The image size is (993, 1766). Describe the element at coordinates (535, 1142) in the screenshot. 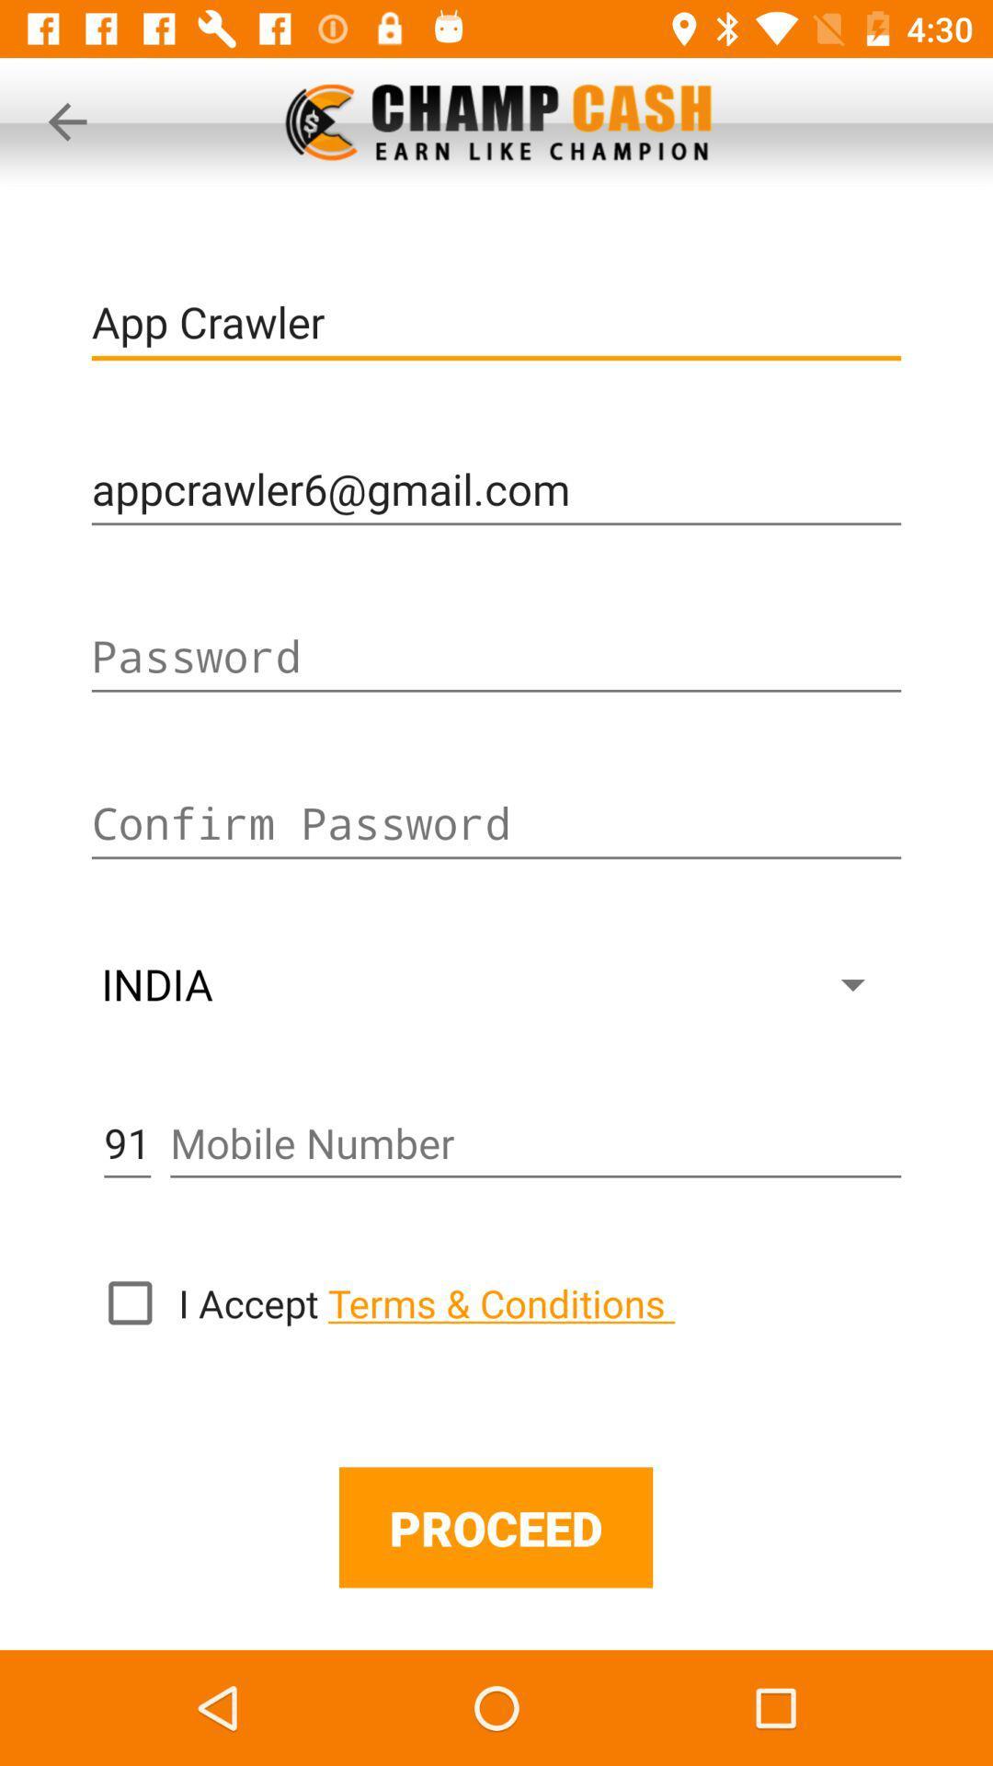

I see `mobile number` at that location.